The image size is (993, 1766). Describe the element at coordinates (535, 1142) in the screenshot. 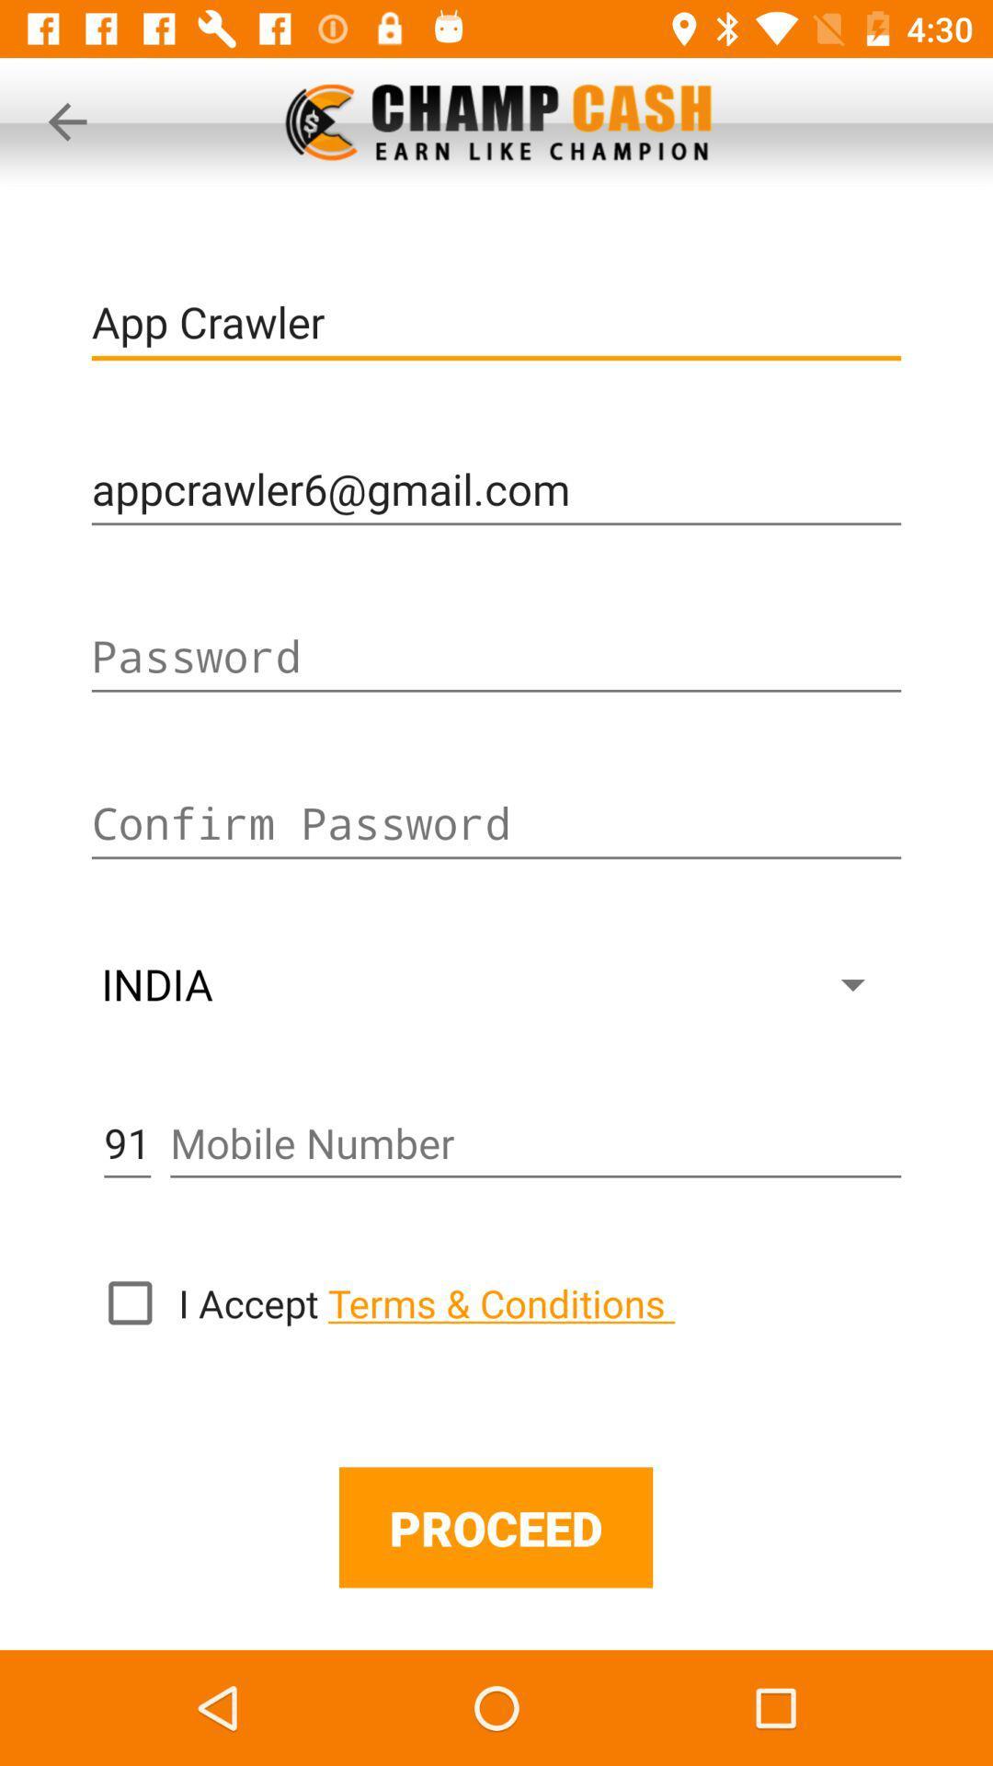

I see `mobile number` at that location.